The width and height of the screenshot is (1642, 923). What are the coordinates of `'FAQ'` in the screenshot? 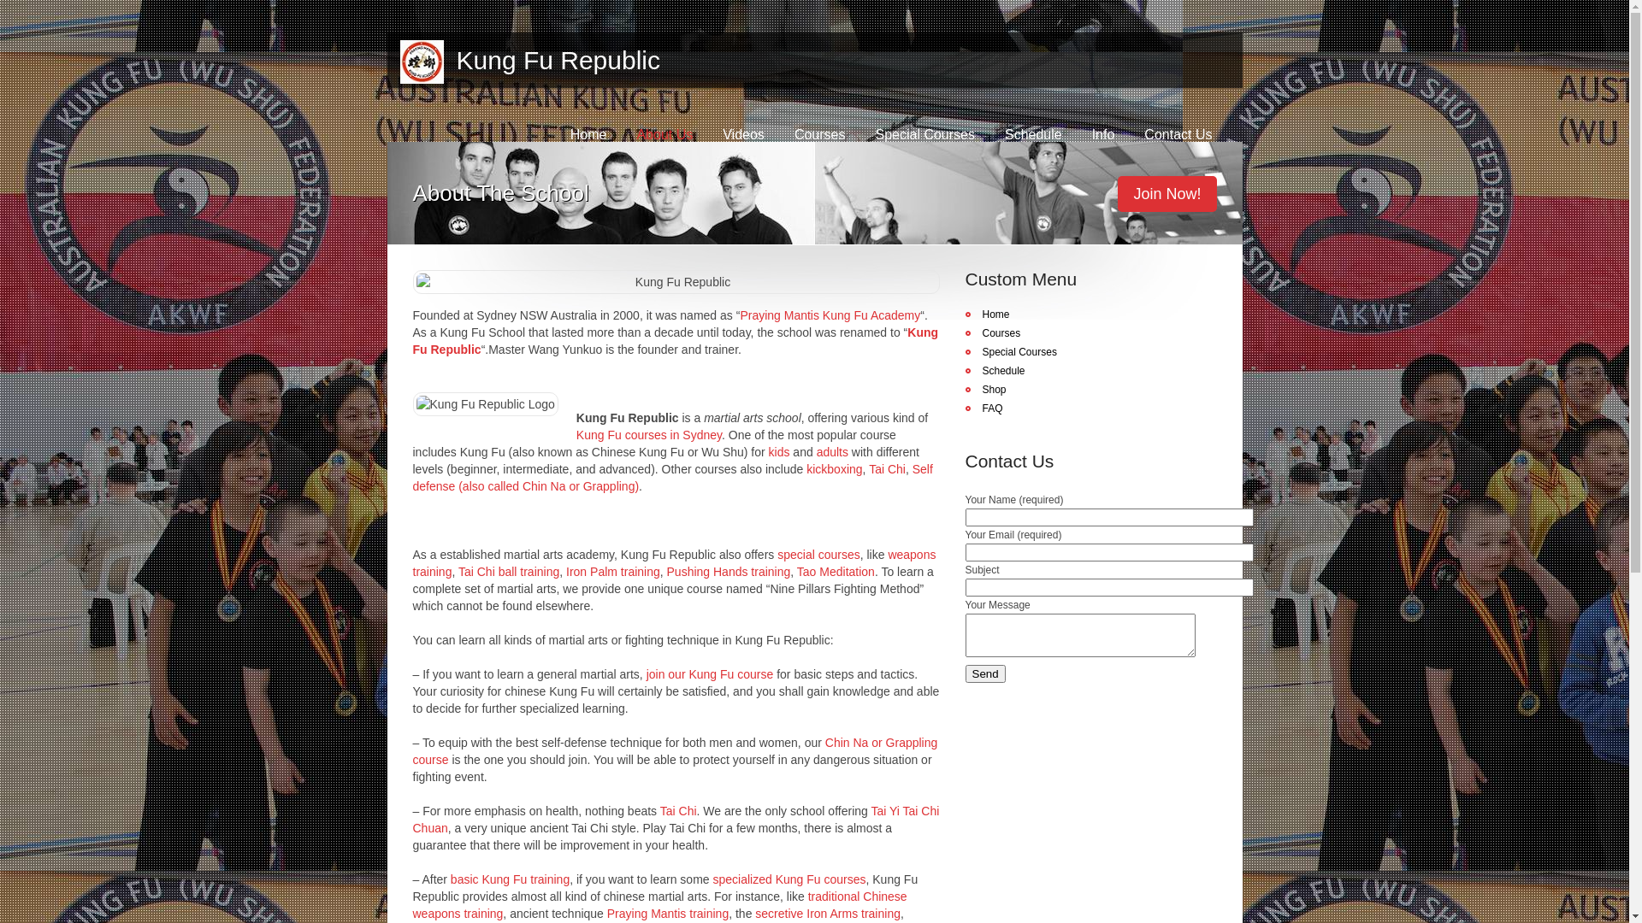 It's located at (983, 409).